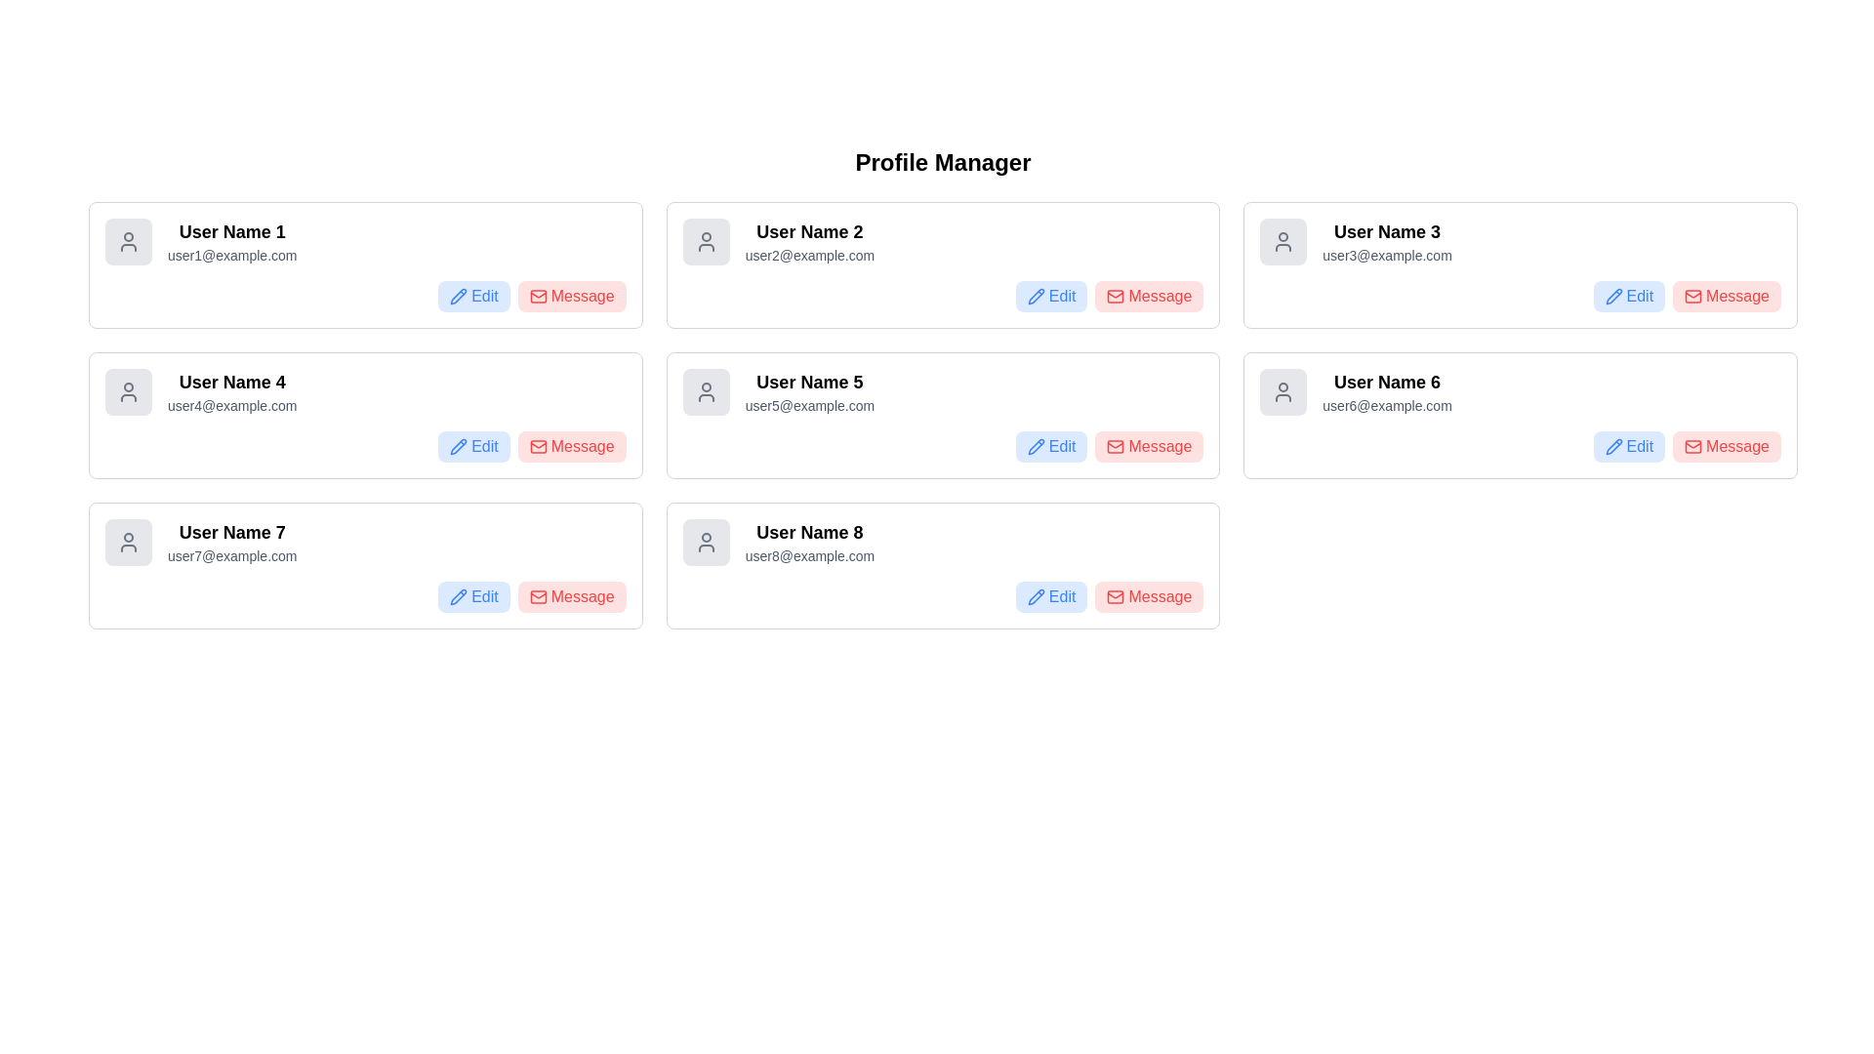 This screenshot has width=1874, height=1054. Describe the element at coordinates (705, 391) in the screenshot. I see `the user silhouette icon within the 'User Name 5' card, located in the upper-left corner next to the text label 'User Name 5'` at that location.